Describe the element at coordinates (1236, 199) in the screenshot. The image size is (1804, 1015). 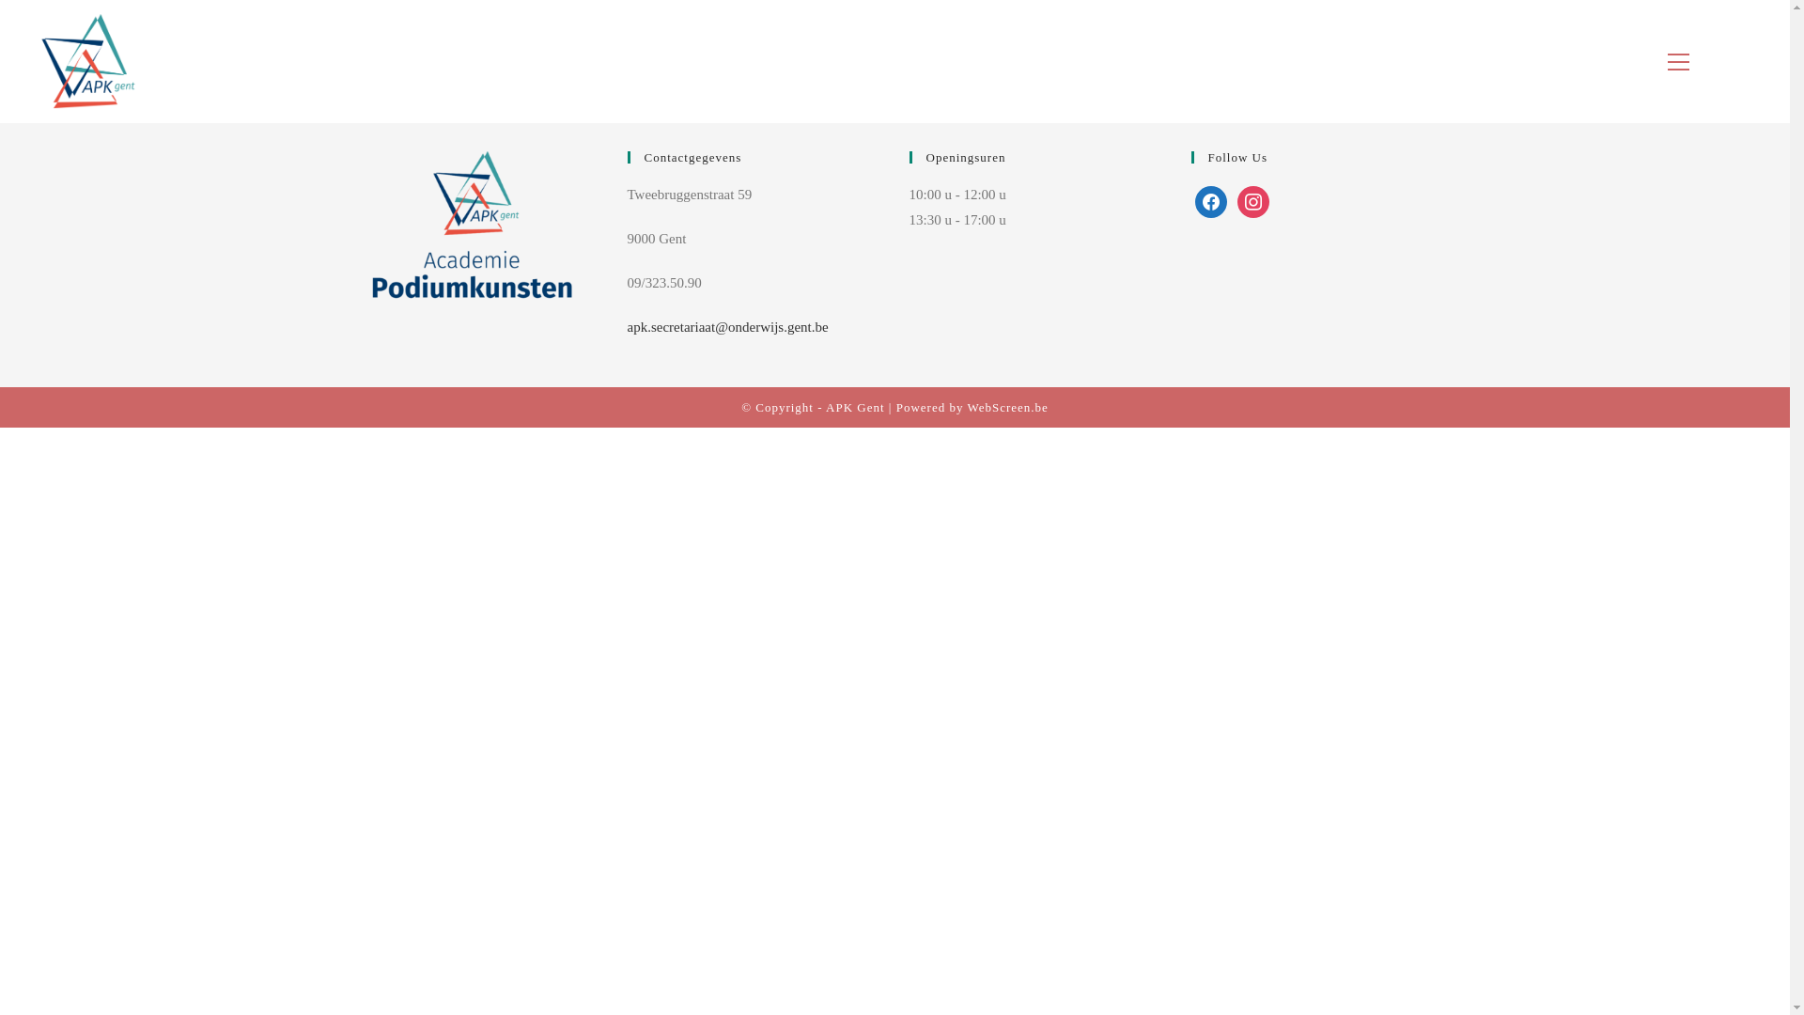
I see `'Default Label'` at that location.